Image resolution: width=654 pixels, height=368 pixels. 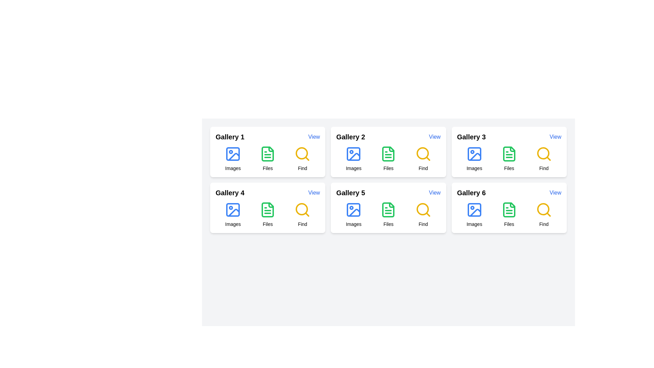 I want to click on the text label that provides context for the yellow search icon in the 'Gallery 2' section of the interface, so click(x=302, y=168).